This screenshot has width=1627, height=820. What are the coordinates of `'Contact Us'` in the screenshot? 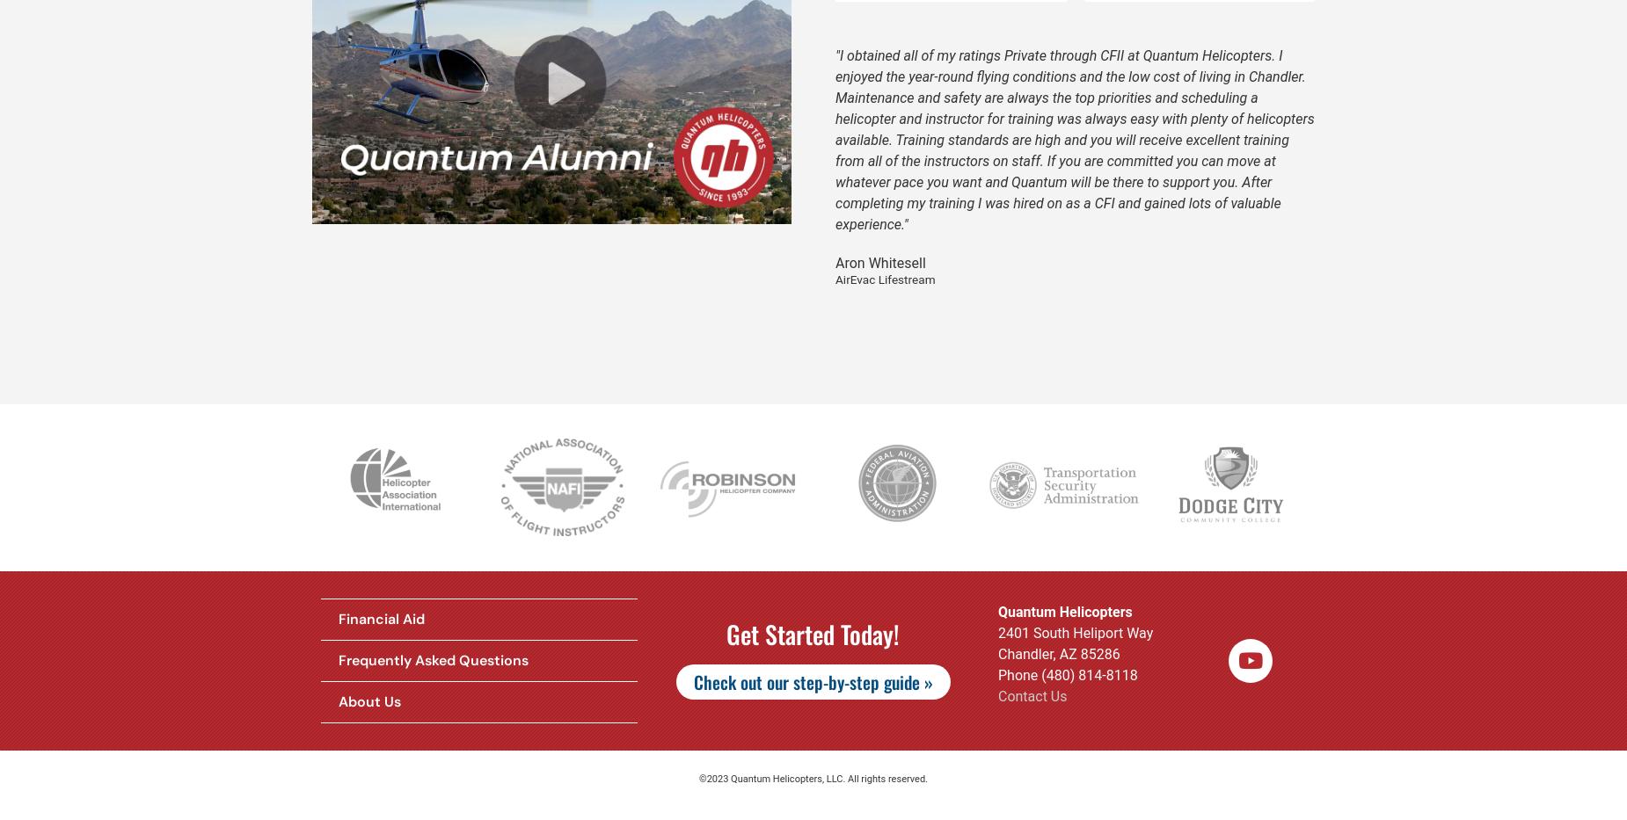 It's located at (1031, 695).